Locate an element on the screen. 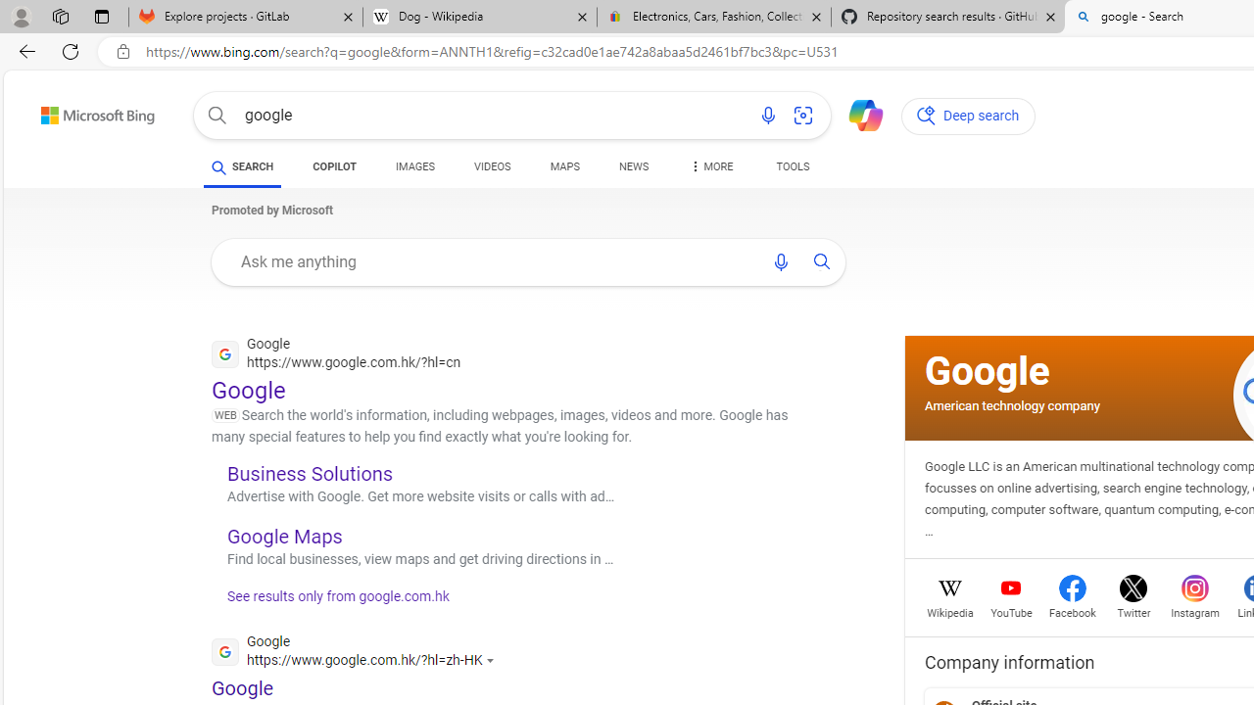 The width and height of the screenshot is (1254, 705). 'Wikipedia' is located at coordinates (950, 610).